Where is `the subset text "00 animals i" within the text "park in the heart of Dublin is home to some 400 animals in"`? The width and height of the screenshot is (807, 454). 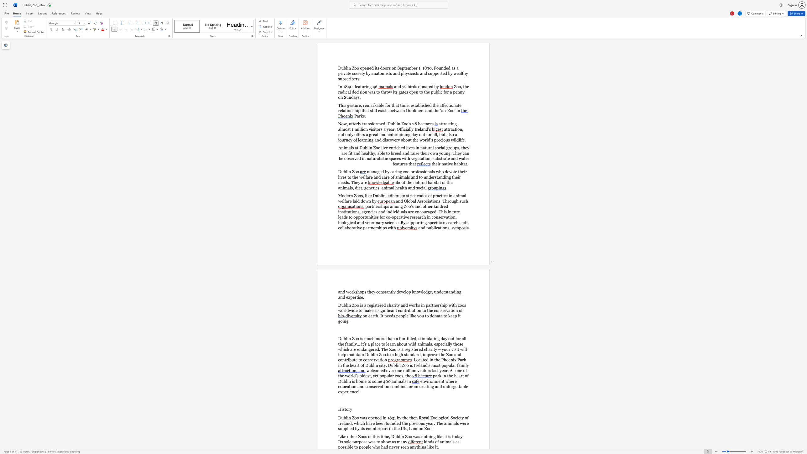
the subset text "00 animals i" within the text "park in the heart of Dublin is home to some 400 animals in" is located at coordinates (385, 381).